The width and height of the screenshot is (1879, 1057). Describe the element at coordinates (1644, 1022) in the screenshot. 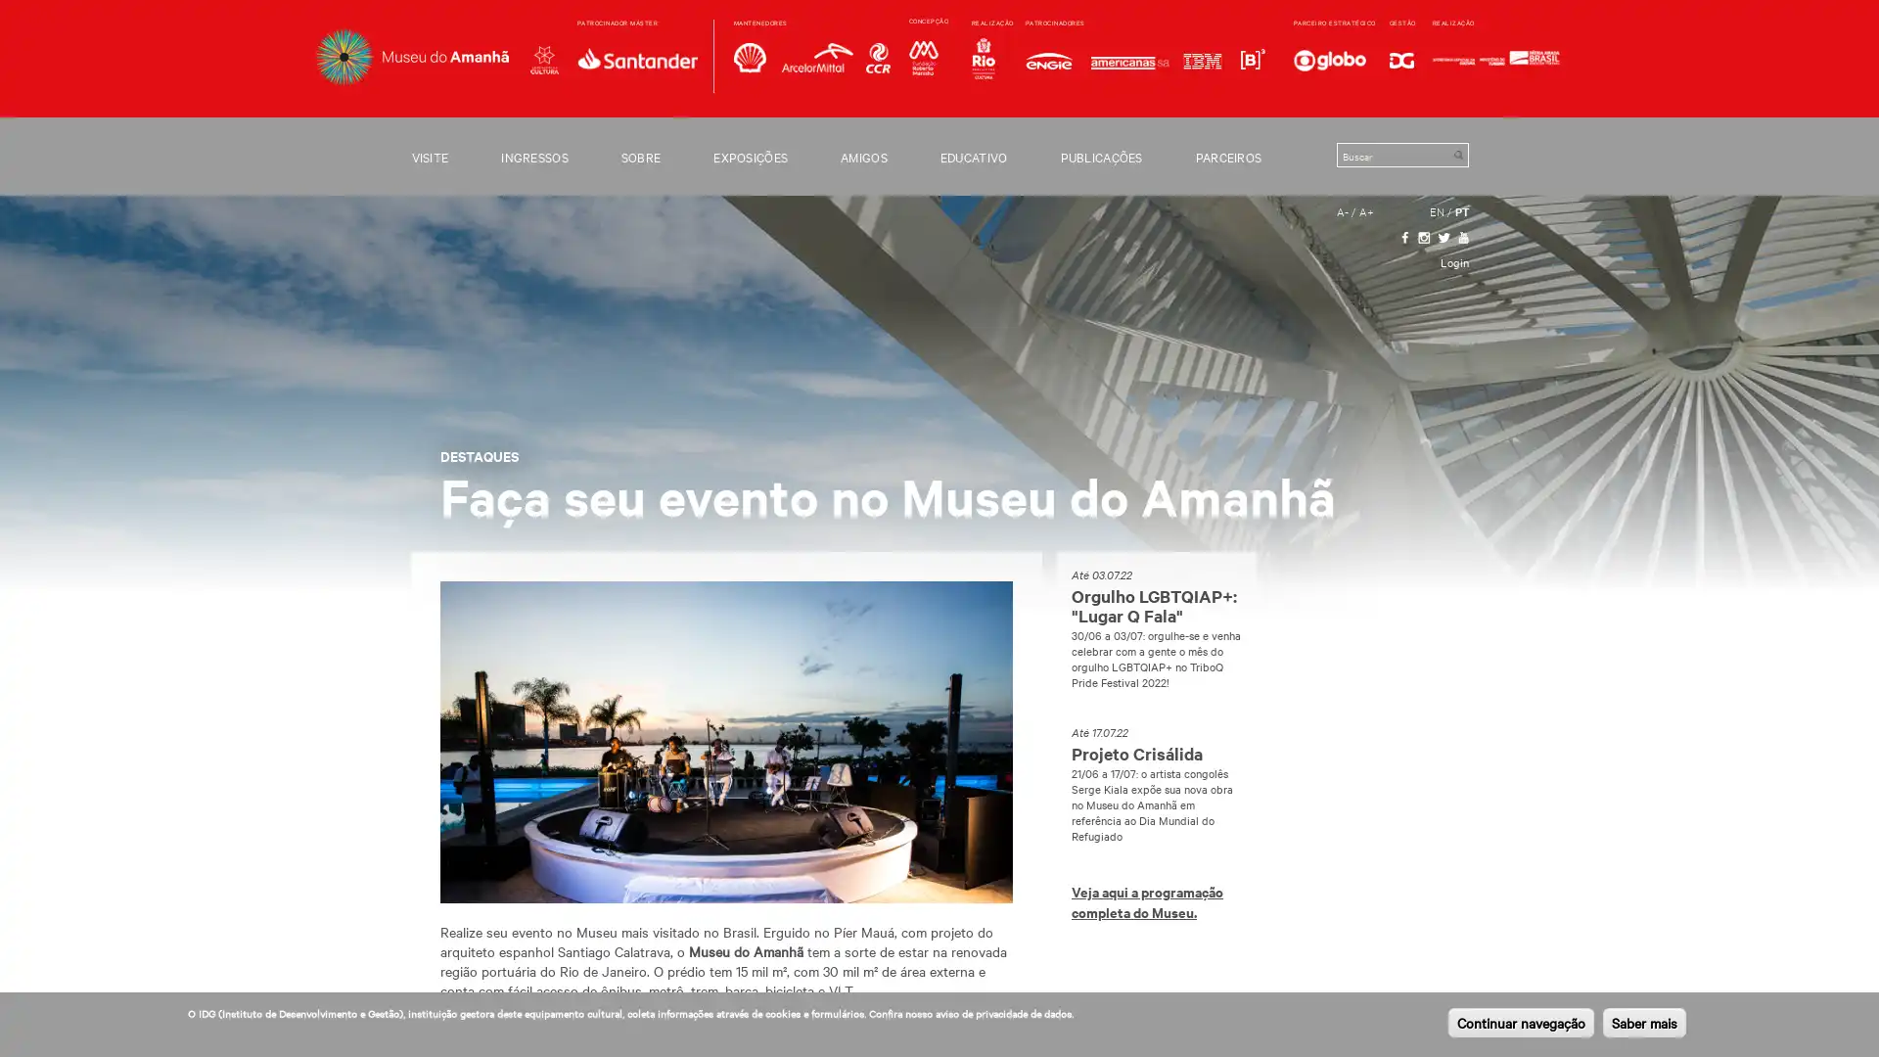

I see `Saber mais` at that location.